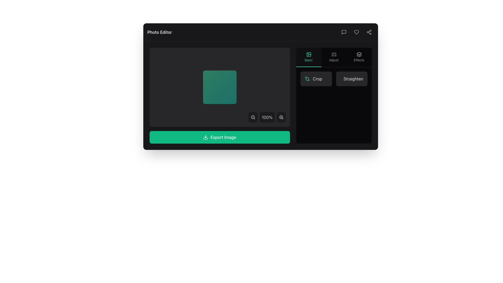 The width and height of the screenshot is (503, 283). What do you see at coordinates (344, 32) in the screenshot?
I see `the chat bubble icon located in the top-right corner of the UI, positioned between the heart-shaped icon and the share icon in the horizontal toolbar` at bounding box center [344, 32].